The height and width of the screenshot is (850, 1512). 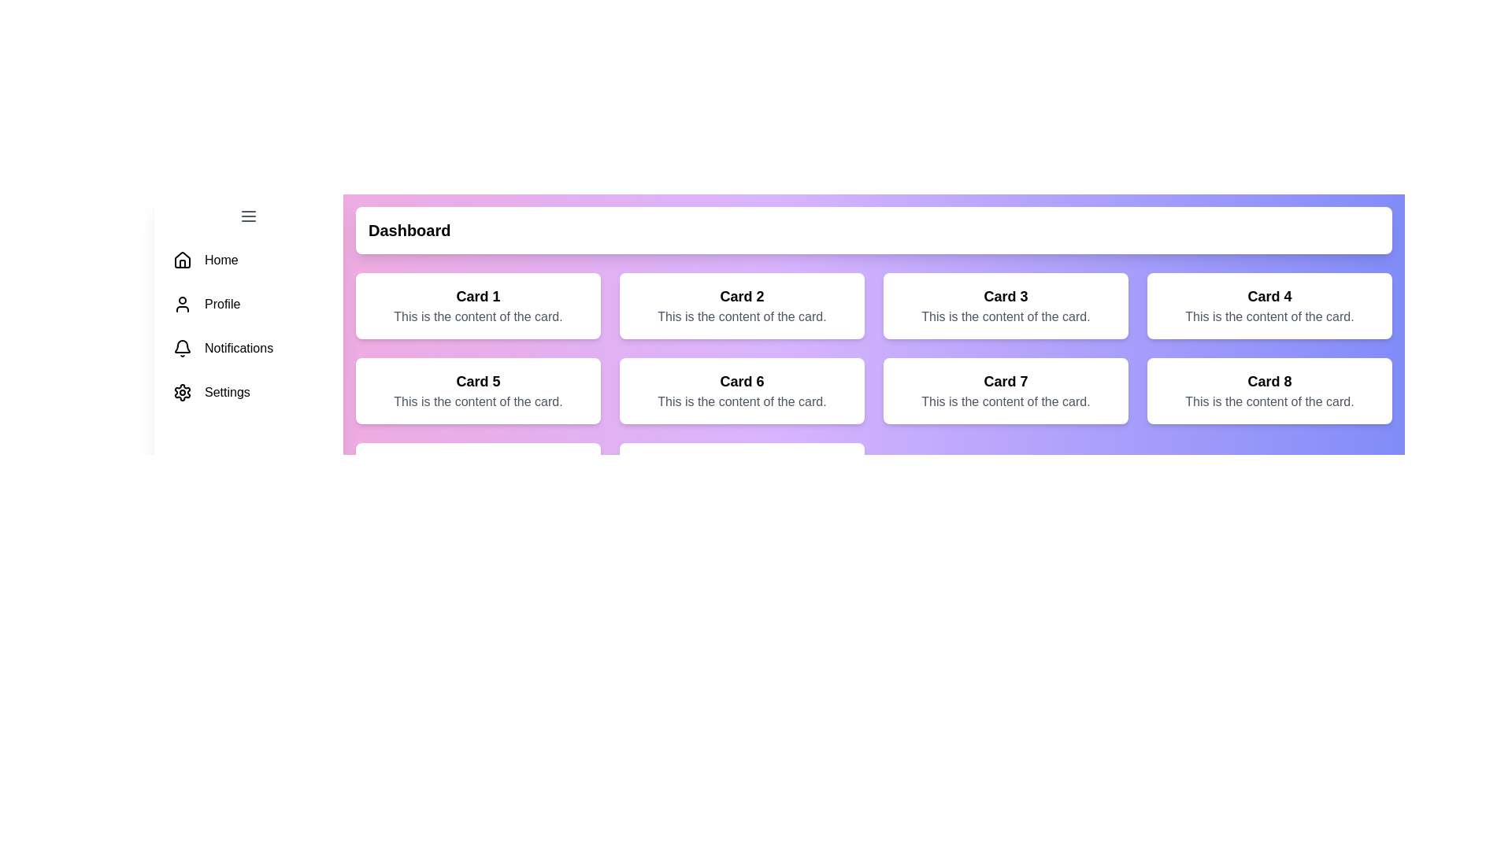 What do you see at coordinates (248, 391) in the screenshot?
I see `the menu item Settings to highlight it` at bounding box center [248, 391].